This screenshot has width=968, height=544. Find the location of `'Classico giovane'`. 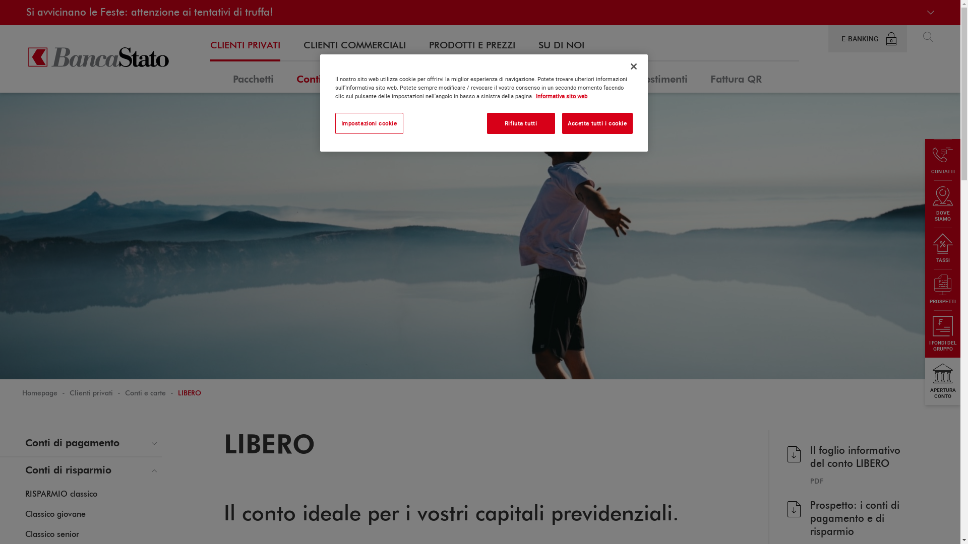

'Classico giovane' is located at coordinates (55, 515).